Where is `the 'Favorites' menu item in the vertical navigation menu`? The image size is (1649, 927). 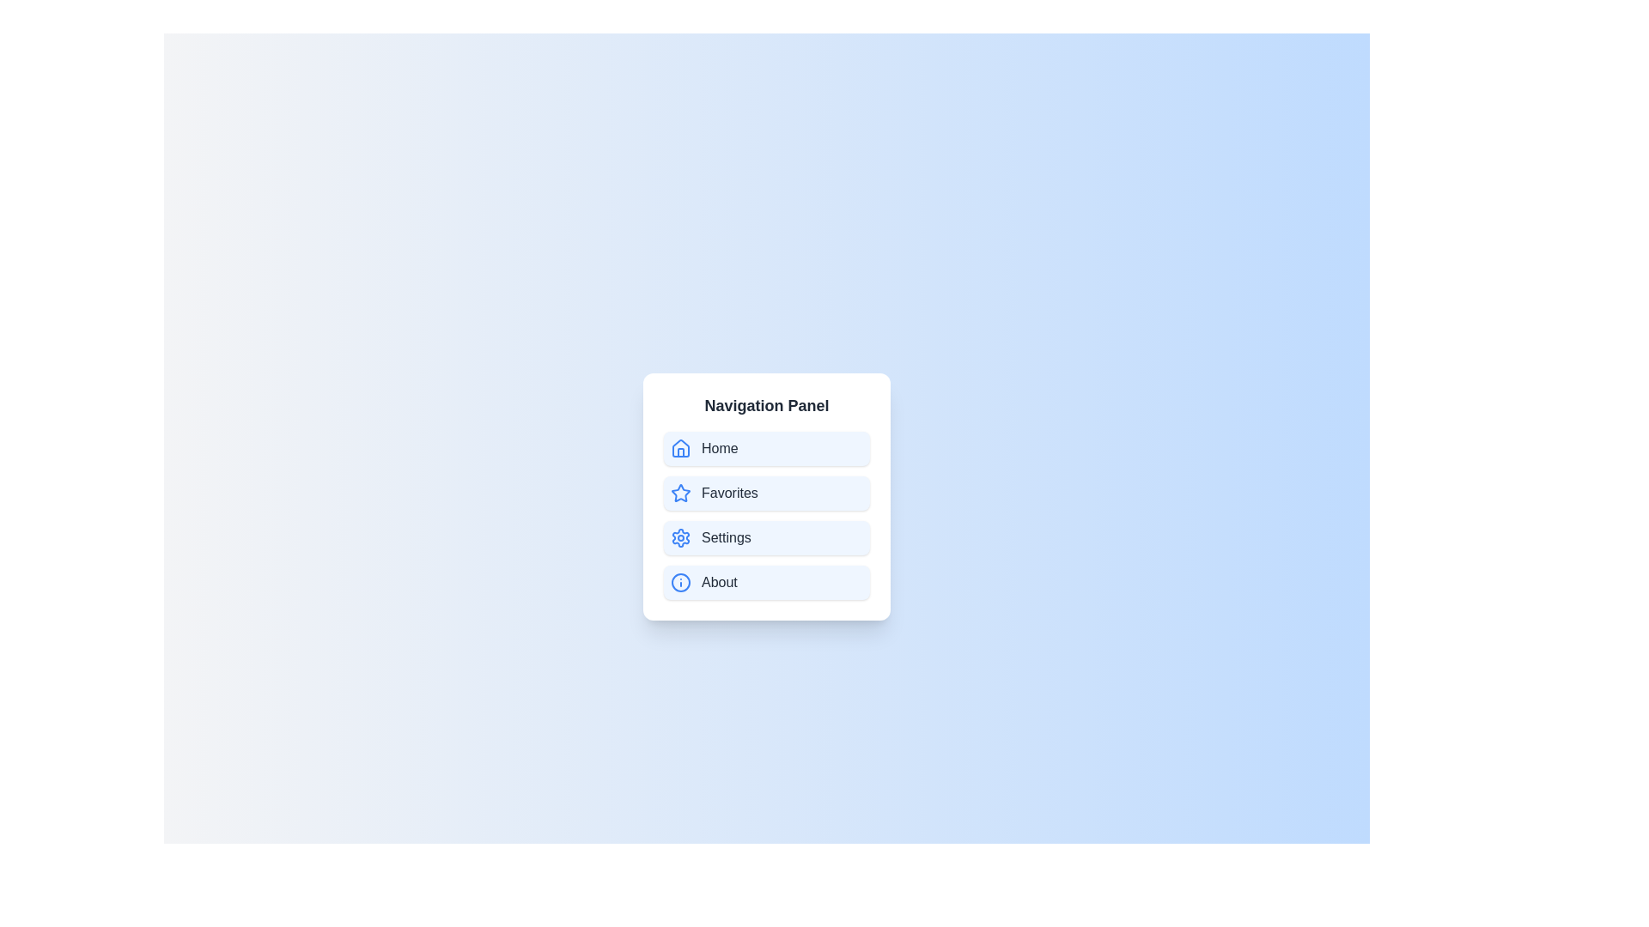 the 'Favorites' menu item in the vertical navigation menu is located at coordinates (765, 515).